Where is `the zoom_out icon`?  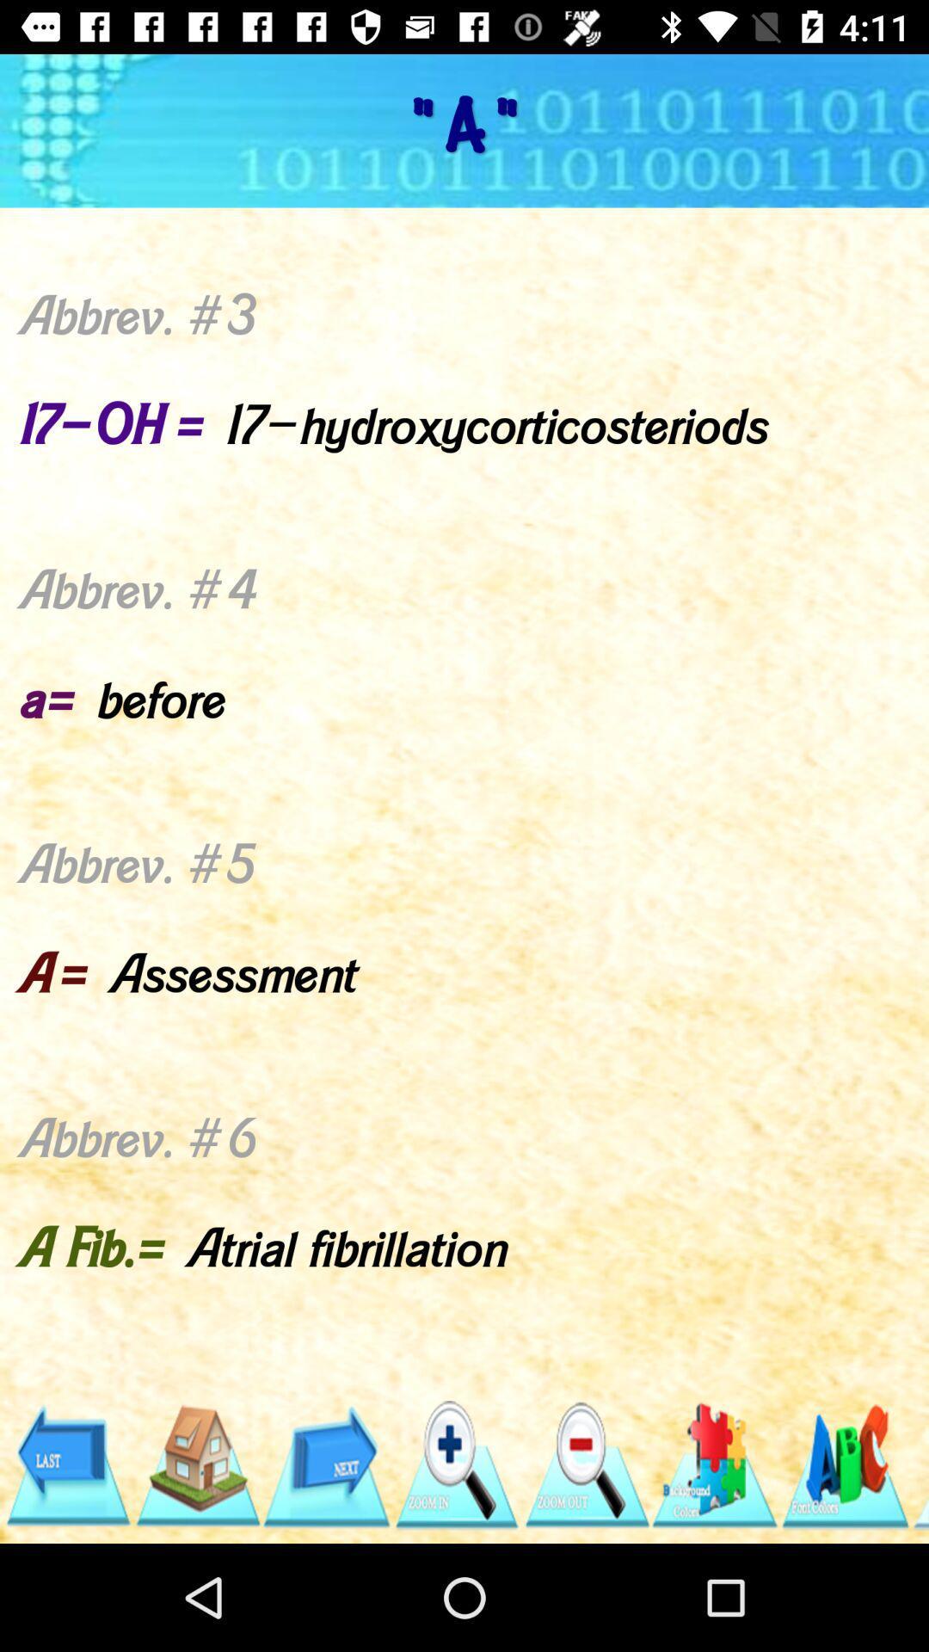
the zoom_out icon is located at coordinates (585, 1464).